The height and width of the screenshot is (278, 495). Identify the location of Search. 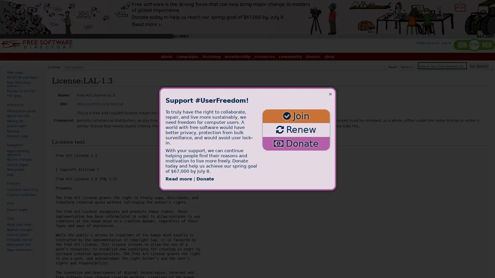
(482, 66).